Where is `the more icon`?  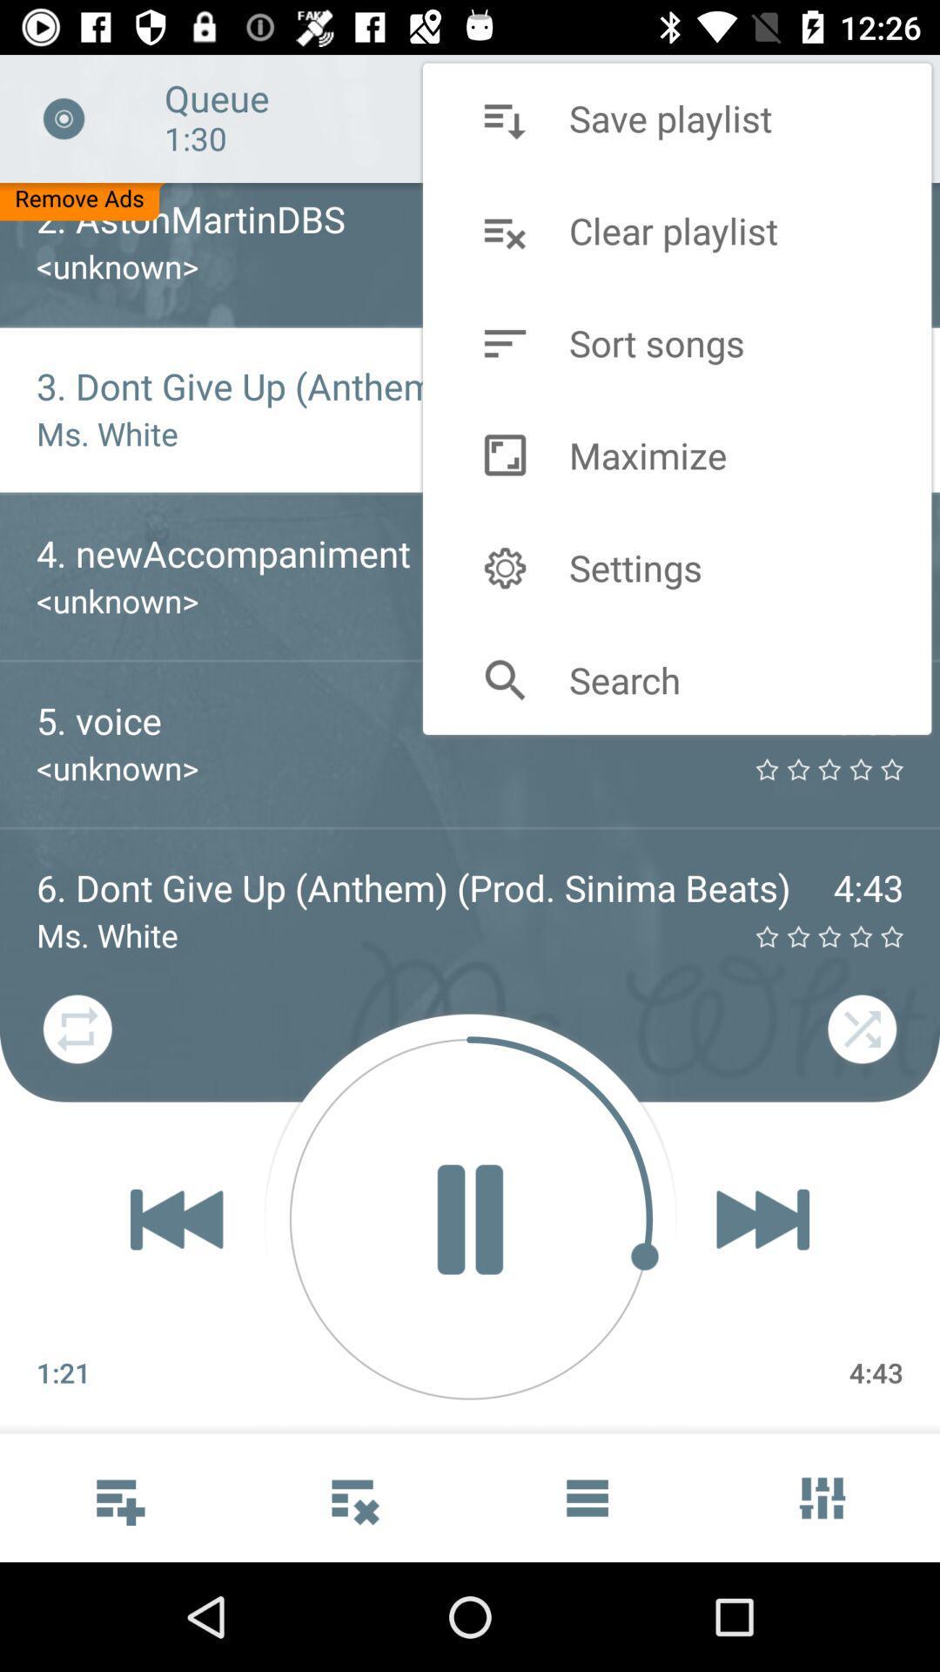 the more icon is located at coordinates (352, 1497).